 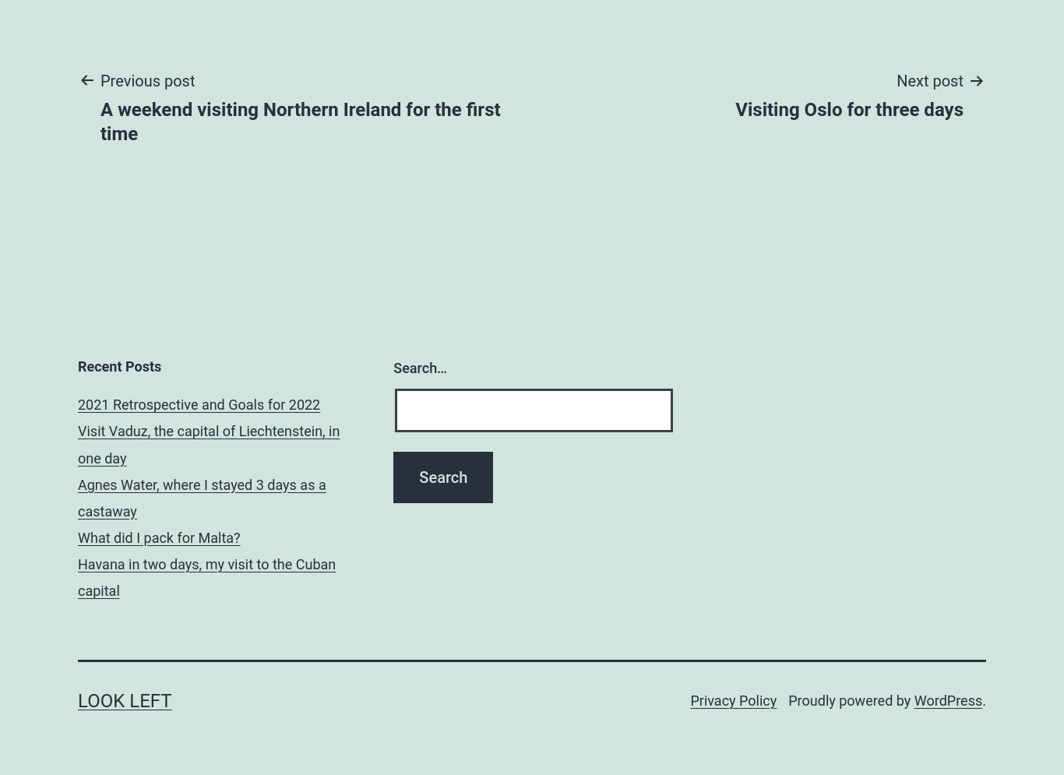 I want to click on '2021 Retrospective and Goals for 2022', so click(x=199, y=403).